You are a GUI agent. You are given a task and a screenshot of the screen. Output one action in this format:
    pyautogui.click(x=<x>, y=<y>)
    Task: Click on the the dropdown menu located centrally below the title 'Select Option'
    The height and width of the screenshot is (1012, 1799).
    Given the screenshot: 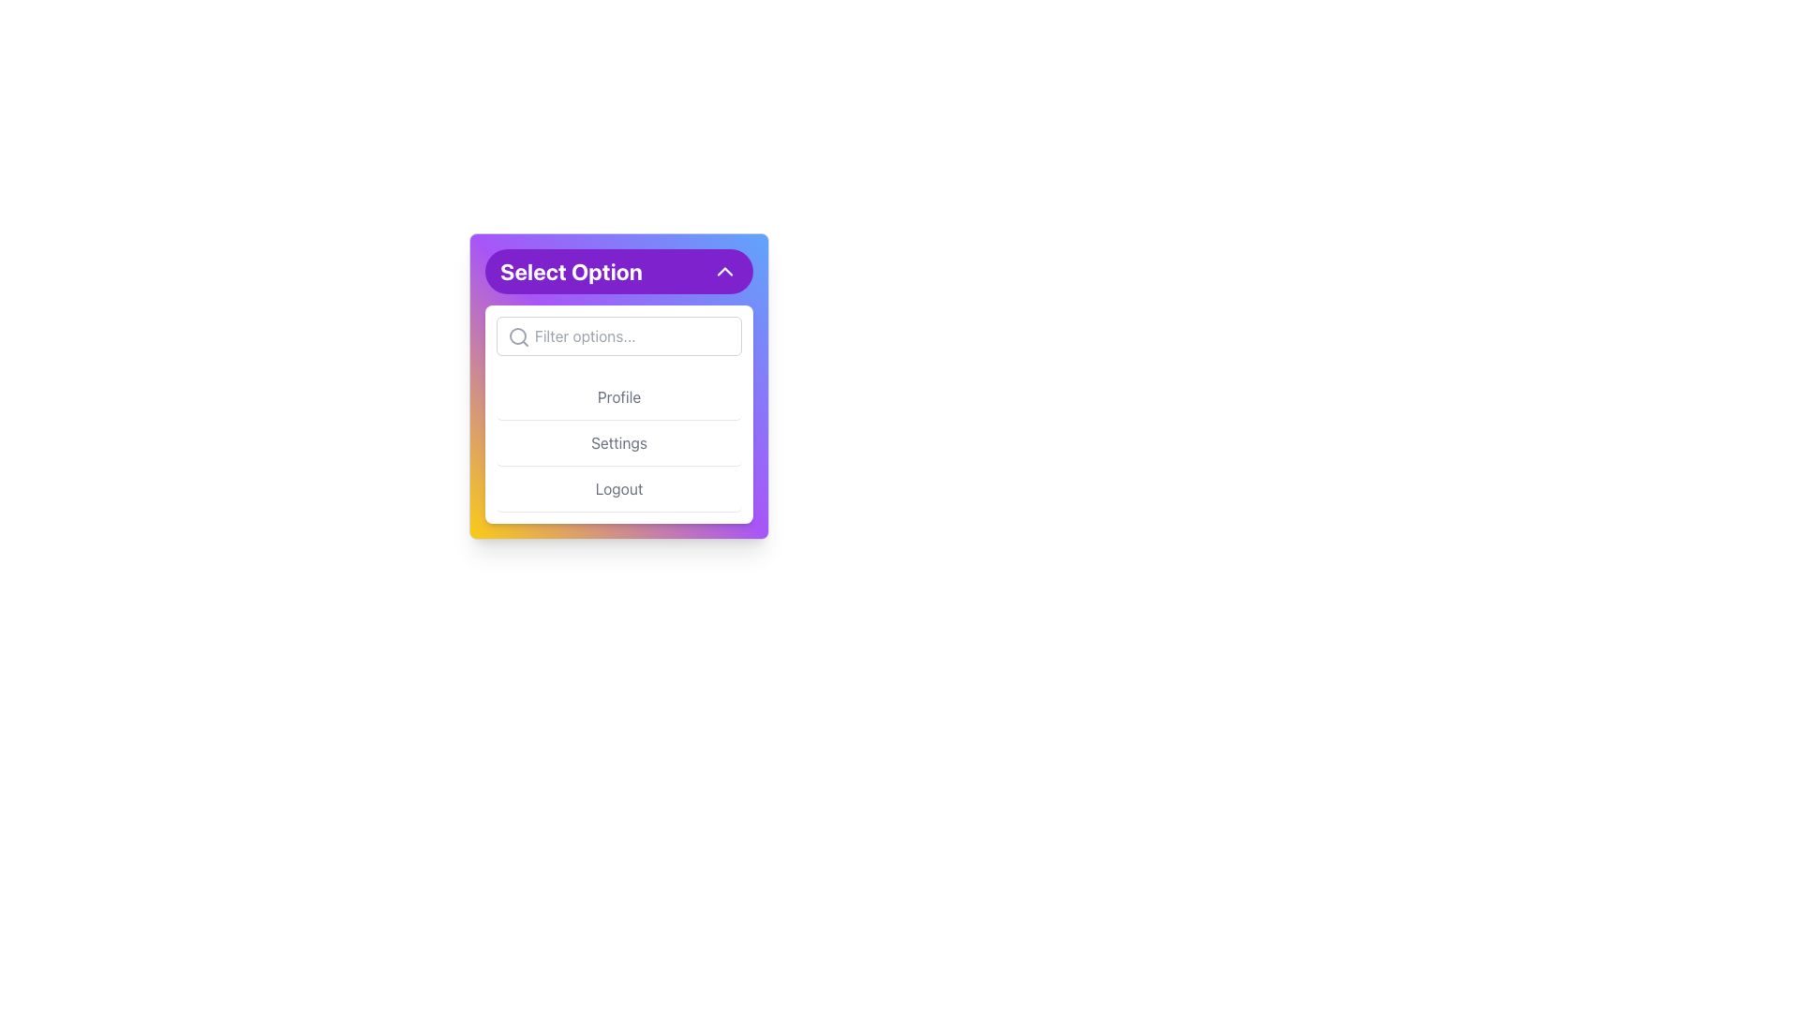 What is the action you would take?
    pyautogui.click(x=619, y=385)
    